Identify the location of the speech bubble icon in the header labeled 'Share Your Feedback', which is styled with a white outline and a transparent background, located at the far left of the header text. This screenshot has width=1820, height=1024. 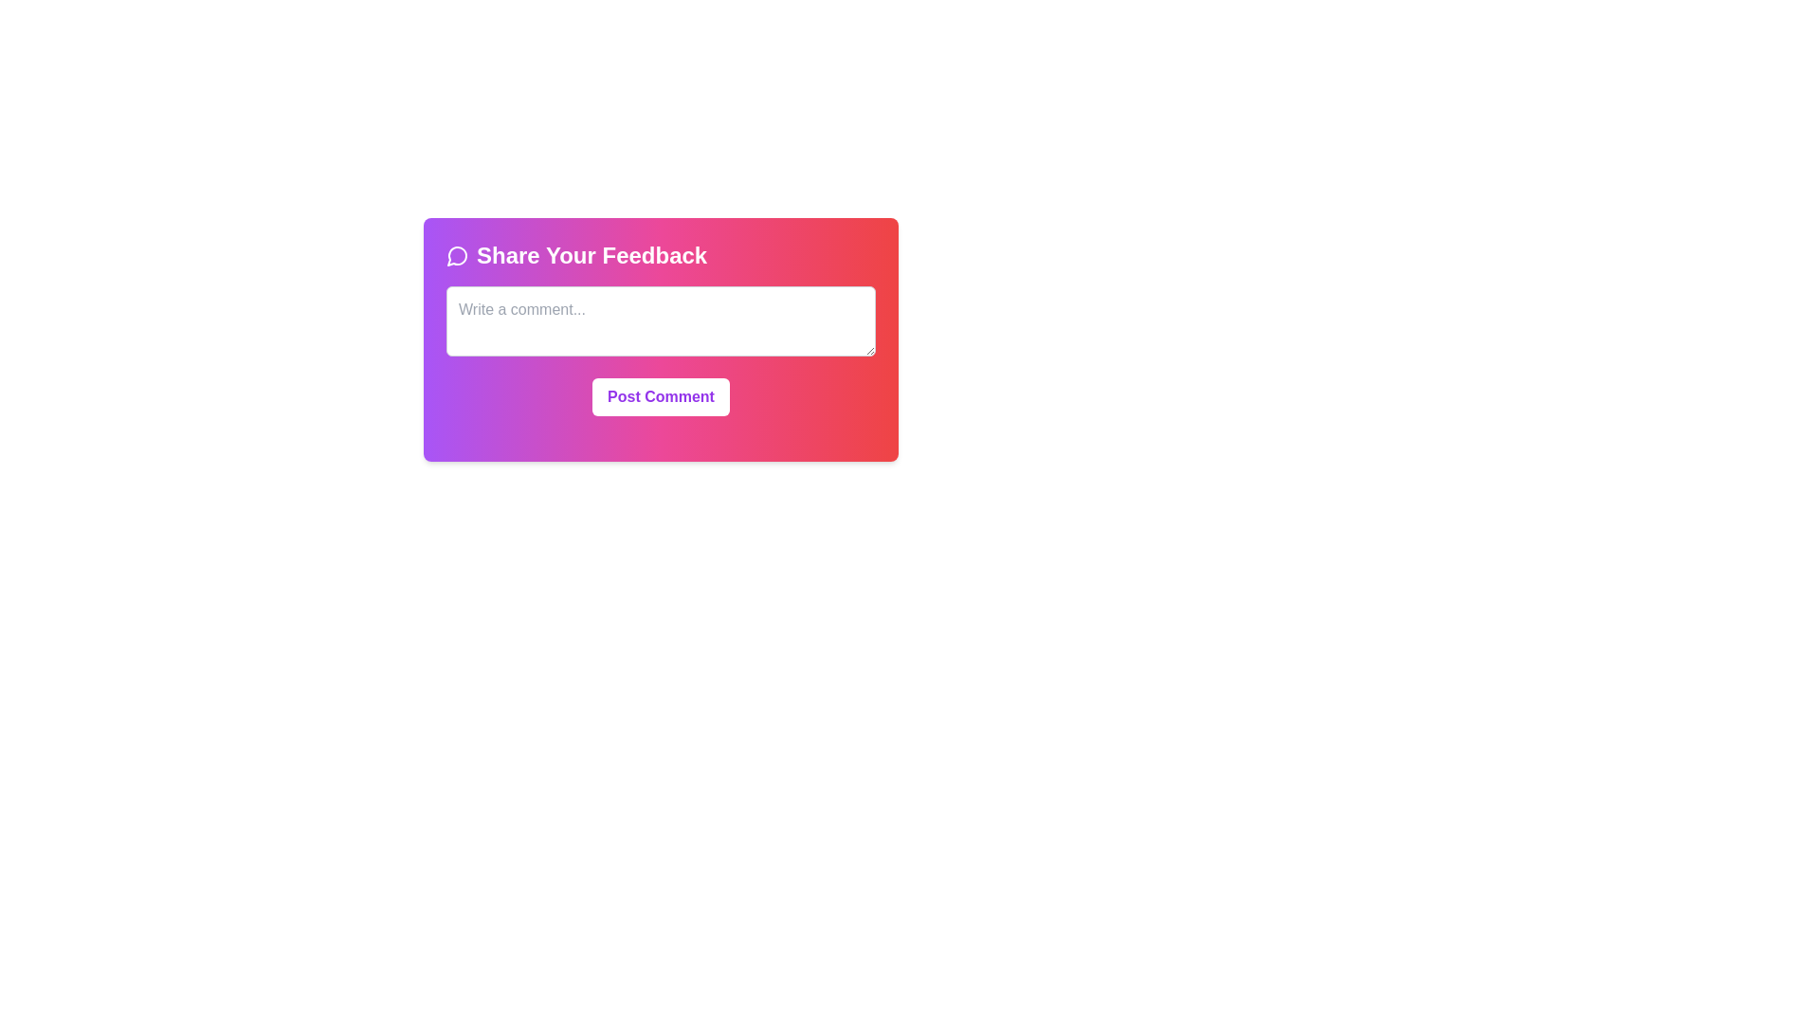
(458, 256).